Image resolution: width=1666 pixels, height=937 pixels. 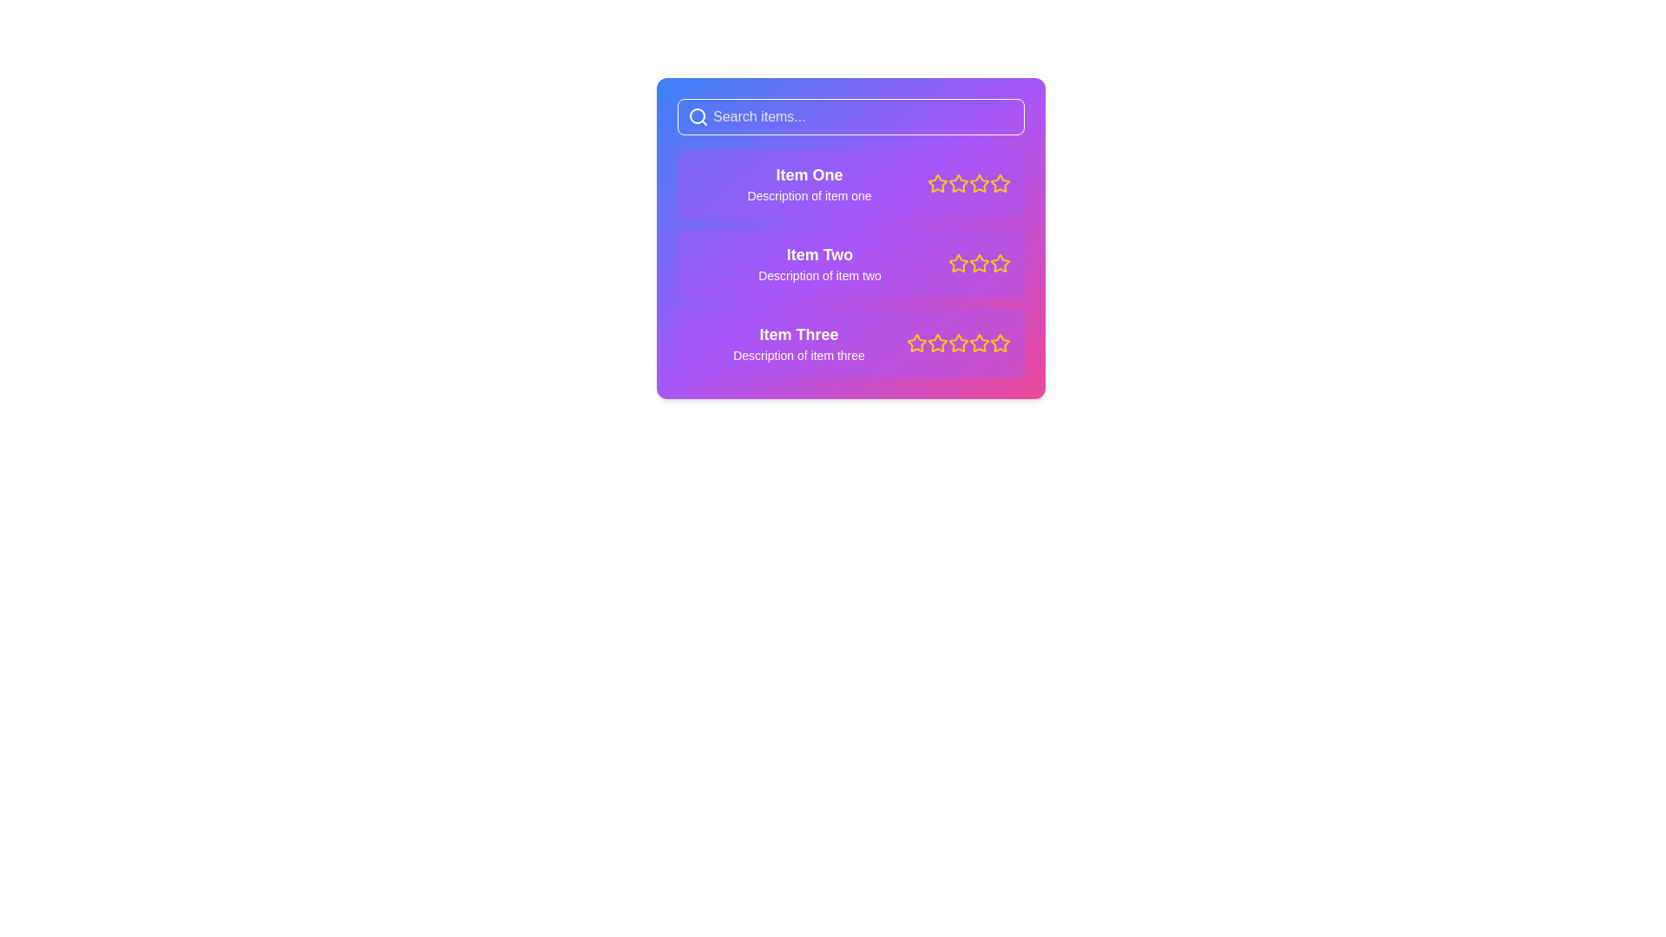 What do you see at coordinates (819, 274) in the screenshot?
I see `the text label displaying 'Description of item two', which is styled with white text on a purple gradient background and is positioned below 'Item Two'` at bounding box center [819, 274].